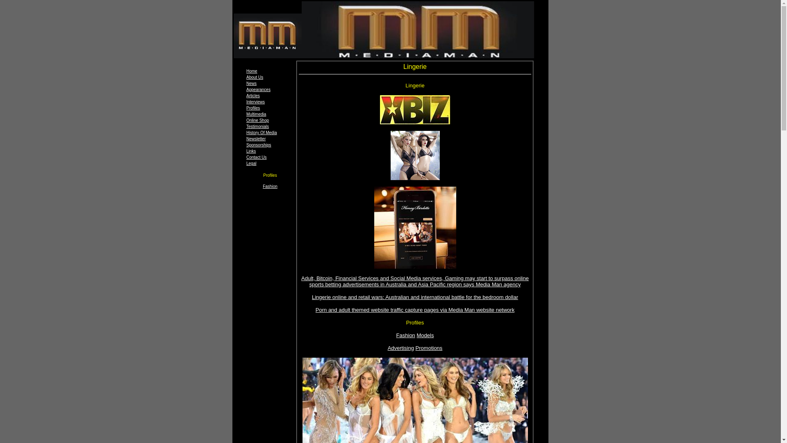 Image resolution: width=787 pixels, height=443 pixels. I want to click on 'Contact Us', so click(256, 157).